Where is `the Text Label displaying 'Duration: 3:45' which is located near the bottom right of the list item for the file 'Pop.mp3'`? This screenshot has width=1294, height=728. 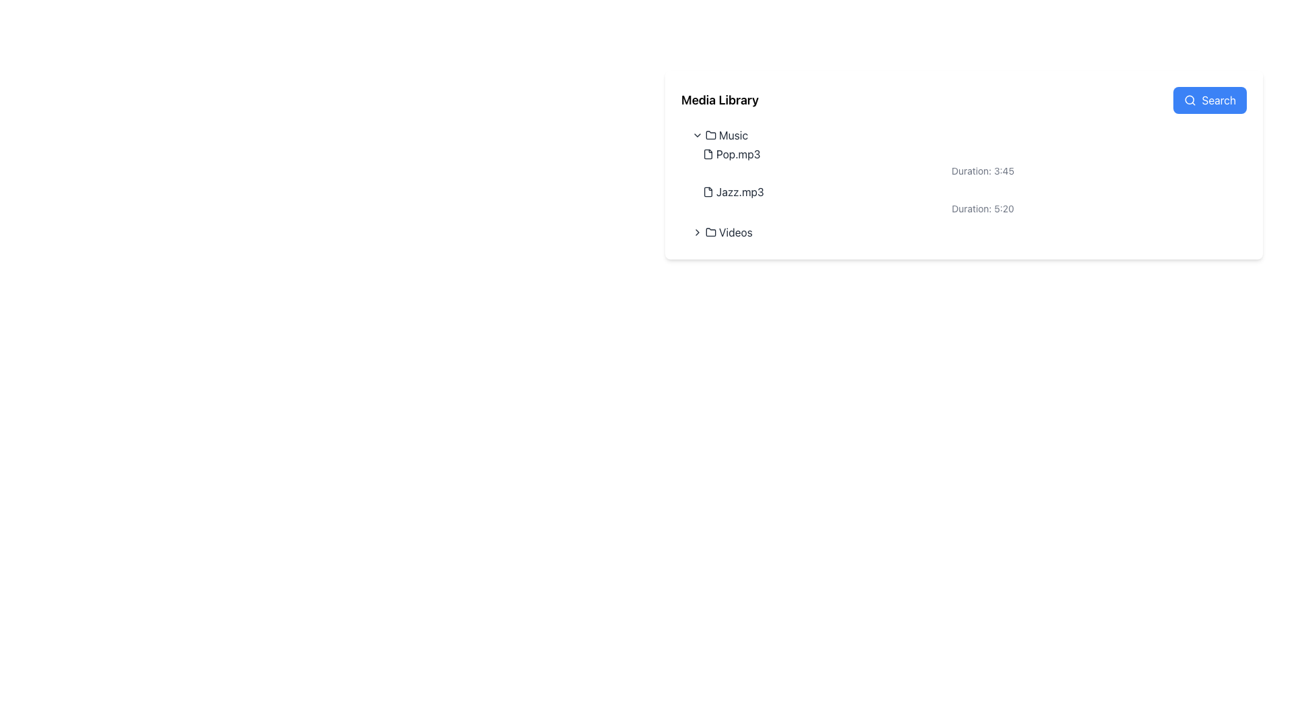
the Text Label displaying 'Duration: 3:45' which is located near the bottom right of the list item for the file 'Pop.mp3' is located at coordinates (975, 170).